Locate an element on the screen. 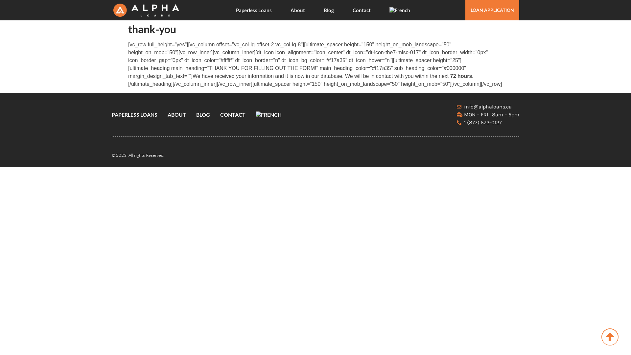 Image resolution: width=631 pixels, height=355 pixels. '1 (877) 572-0127' is located at coordinates (488, 123).